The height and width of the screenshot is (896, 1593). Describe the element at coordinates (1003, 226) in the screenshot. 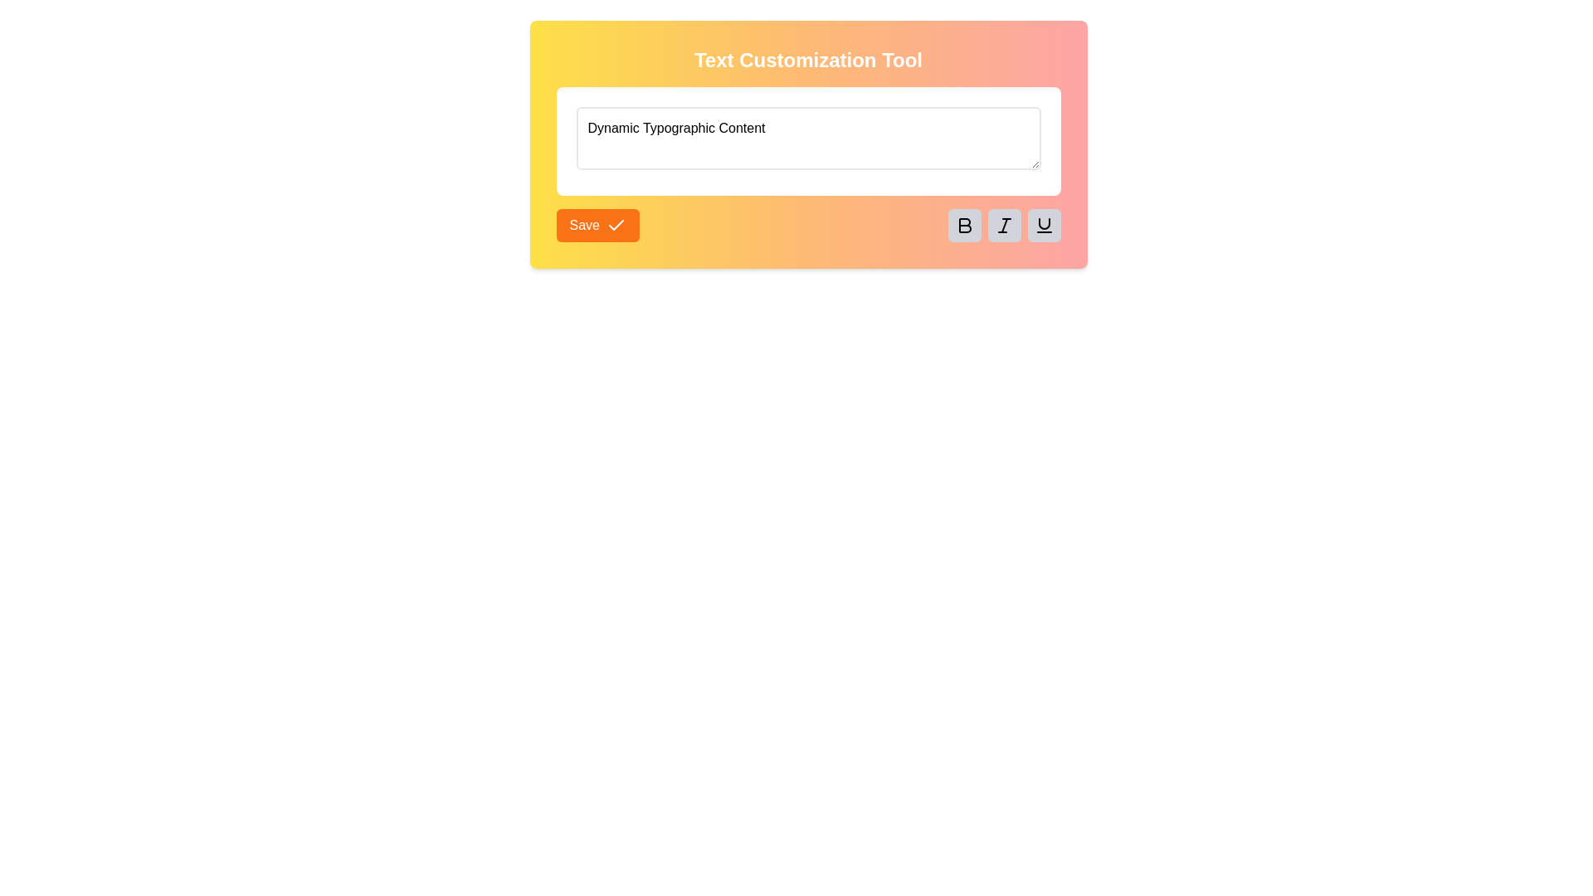

I see `the second formatting button from the left, which is a rounded rectangle with a gray background and contains an italicized 'I' icon` at that location.